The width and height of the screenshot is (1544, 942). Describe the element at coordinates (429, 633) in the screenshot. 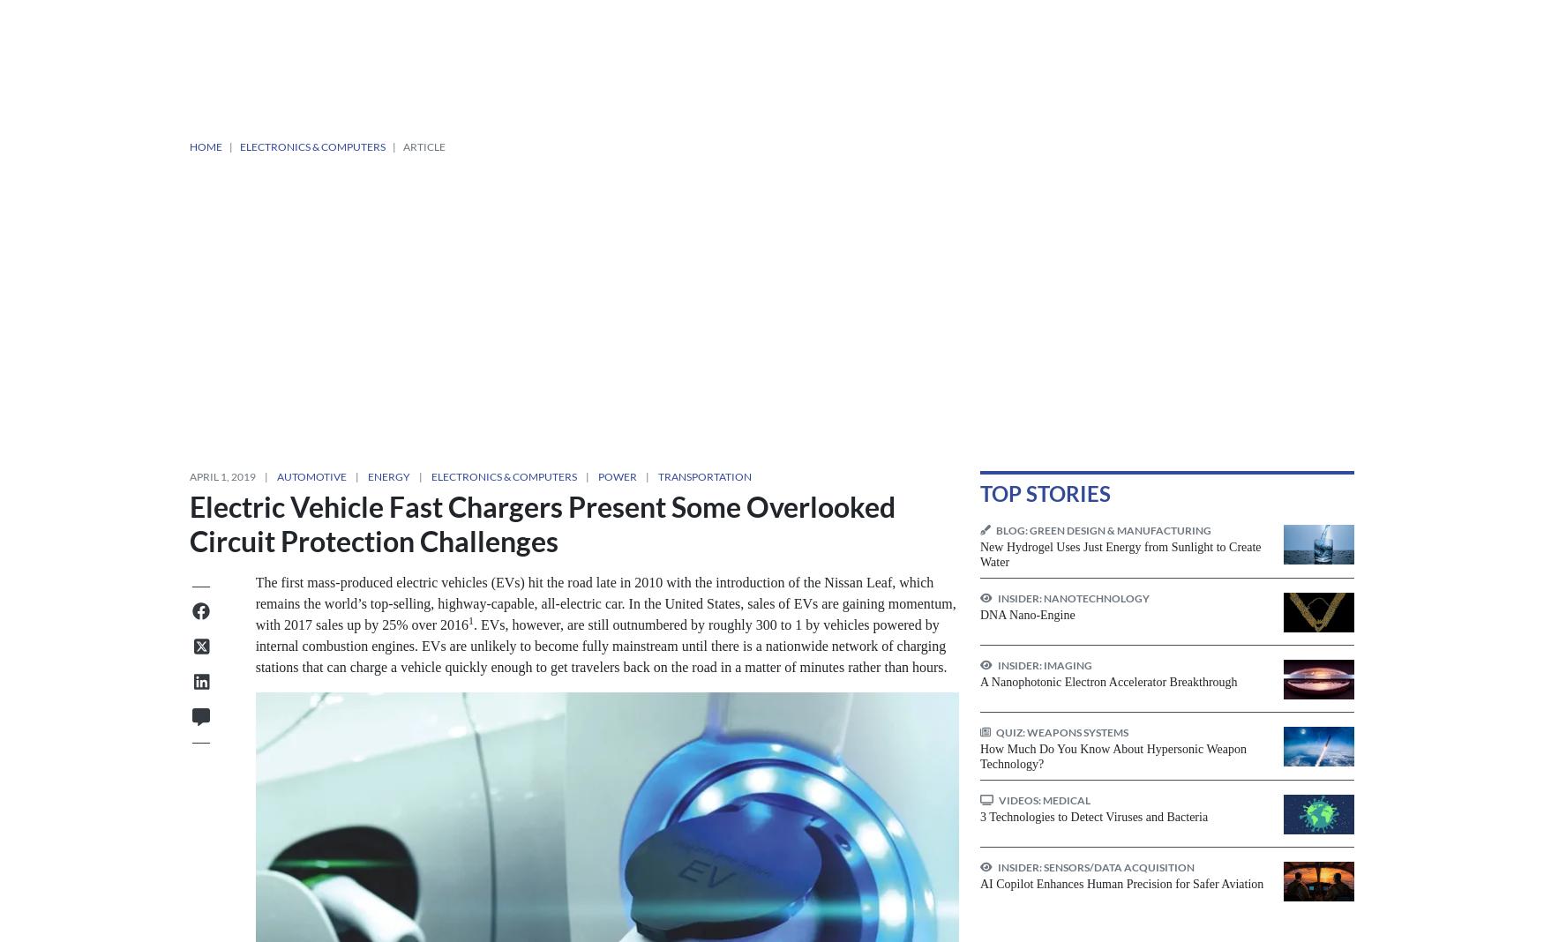

I see `'Transportation'` at that location.